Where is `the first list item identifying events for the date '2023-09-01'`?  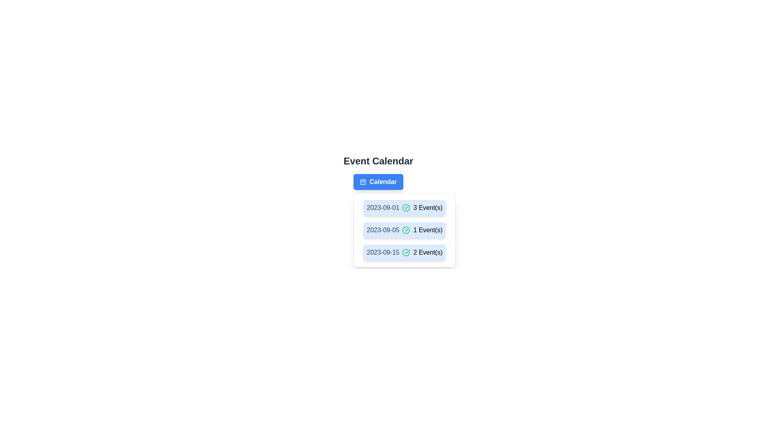 the first list item identifying events for the date '2023-09-01' is located at coordinates (405, 207).